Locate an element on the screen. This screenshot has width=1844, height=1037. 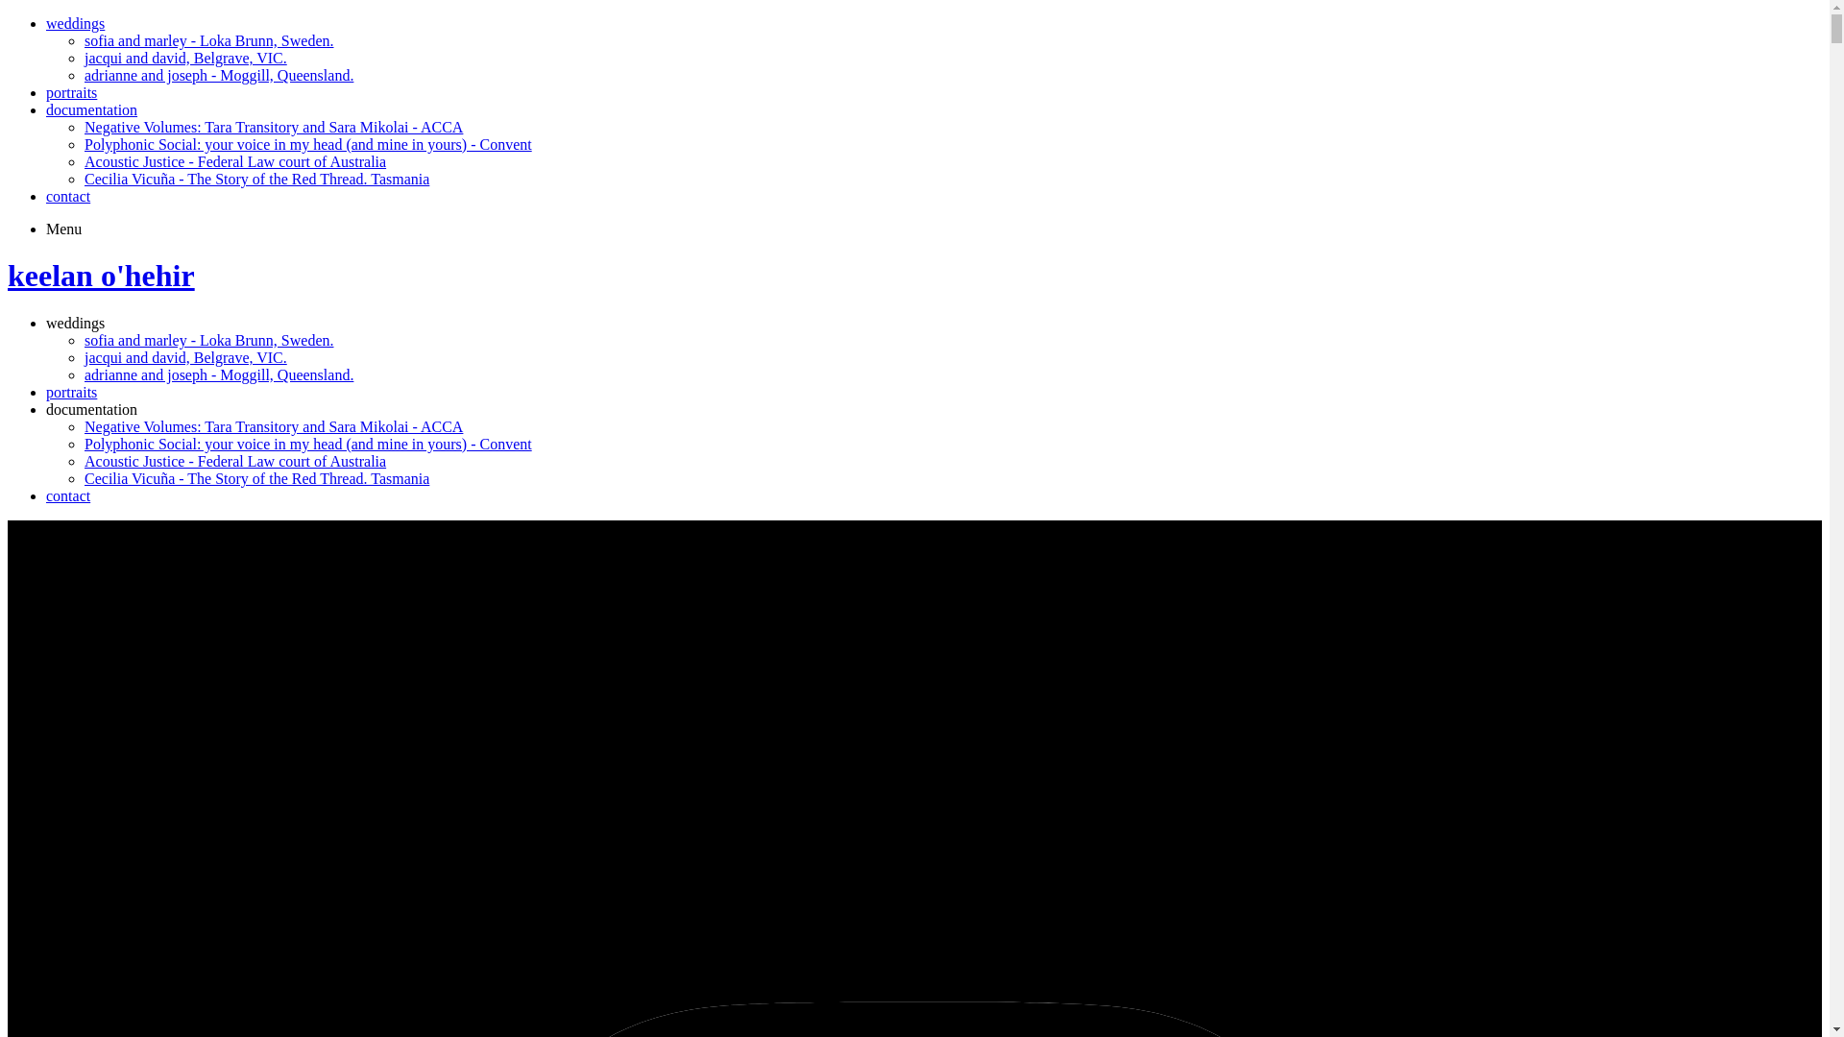
'sofia and marley - Loka Brunn, Sweden.' is located at coordinates (208, 339).